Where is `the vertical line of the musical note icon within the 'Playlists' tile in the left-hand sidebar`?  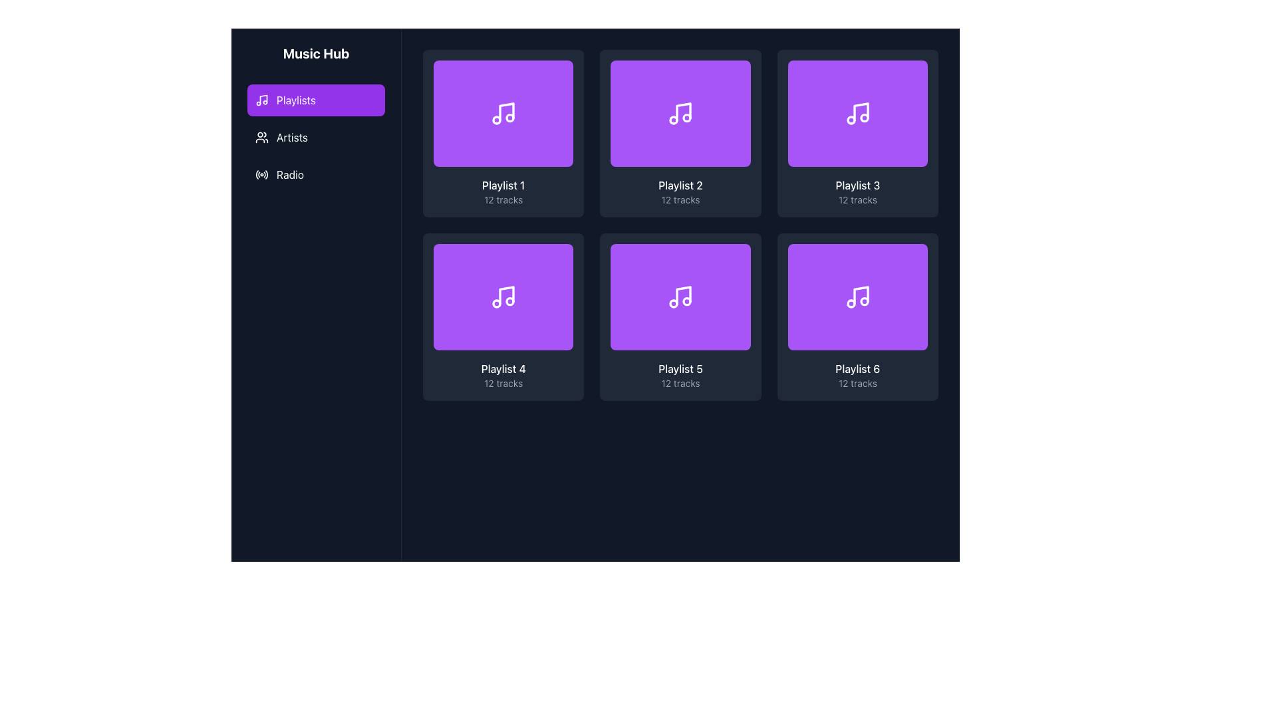 the vertical line of the musical note icon within the 'Playlists' tile in the left-hand sidebar is located at coordinates (263, 98).